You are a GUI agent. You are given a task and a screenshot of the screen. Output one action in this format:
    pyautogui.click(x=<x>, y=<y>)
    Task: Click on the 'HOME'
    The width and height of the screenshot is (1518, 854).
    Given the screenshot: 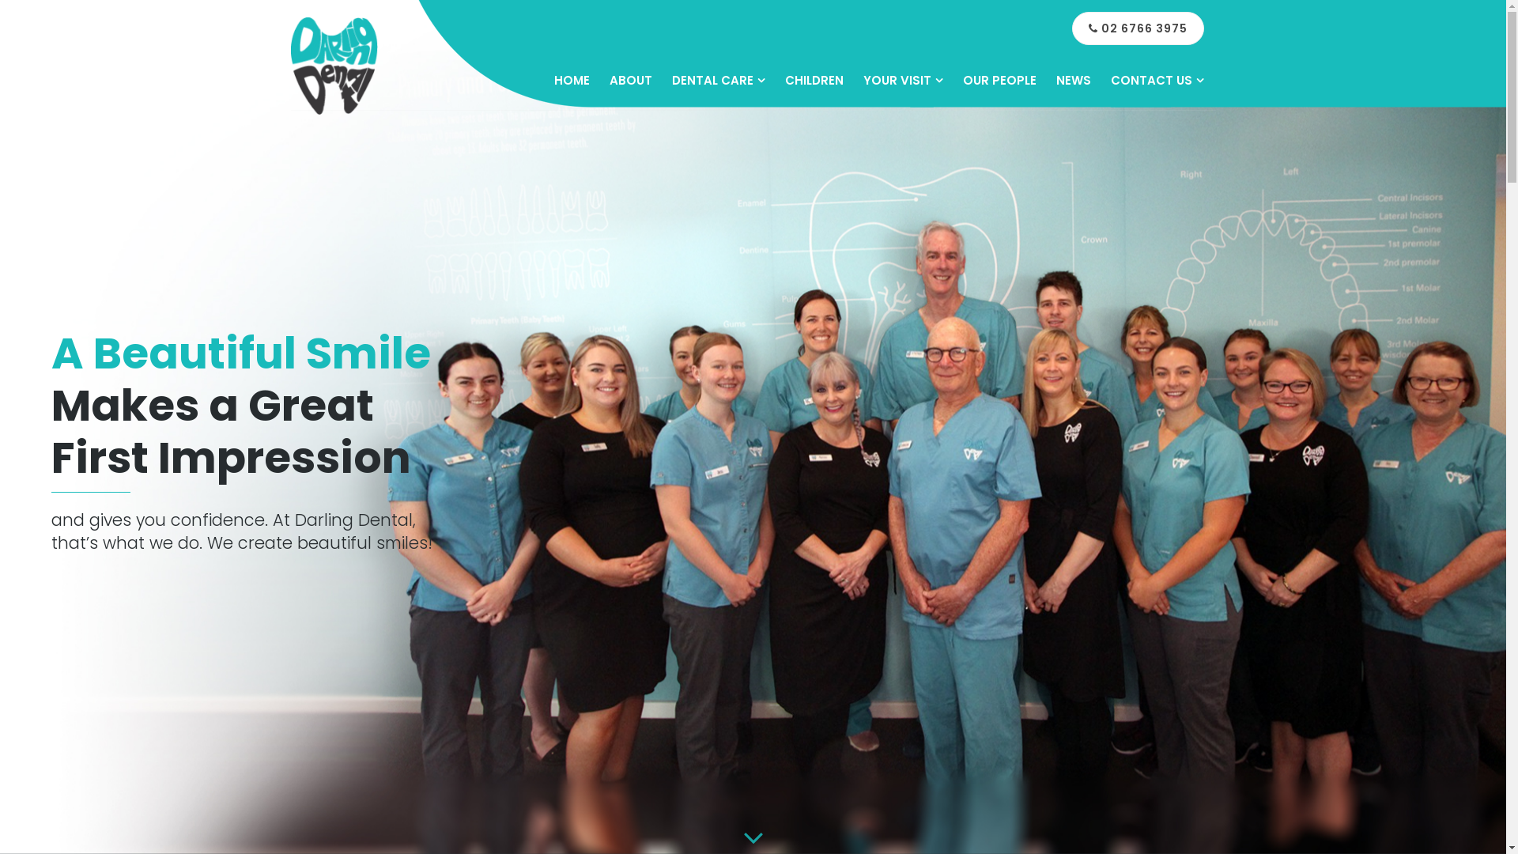 What is the action you would take?
    pyautogui.click(x=570, y=80)
    